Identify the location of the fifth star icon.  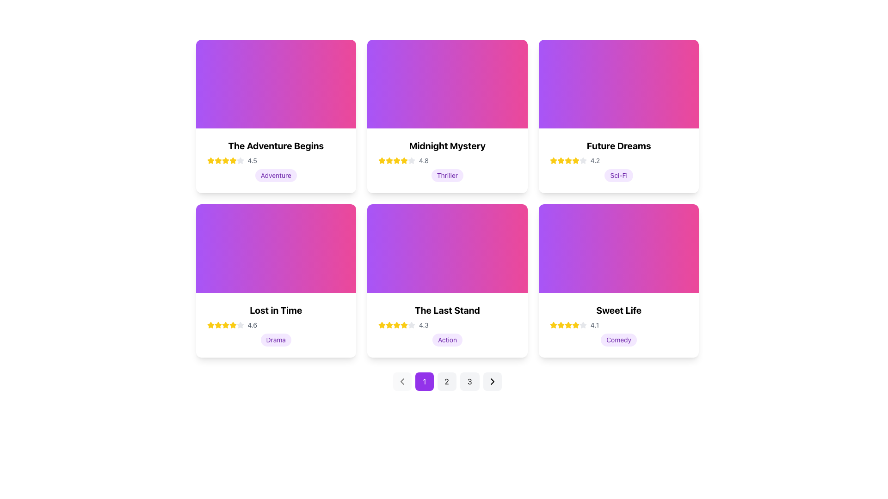
(233, 325).